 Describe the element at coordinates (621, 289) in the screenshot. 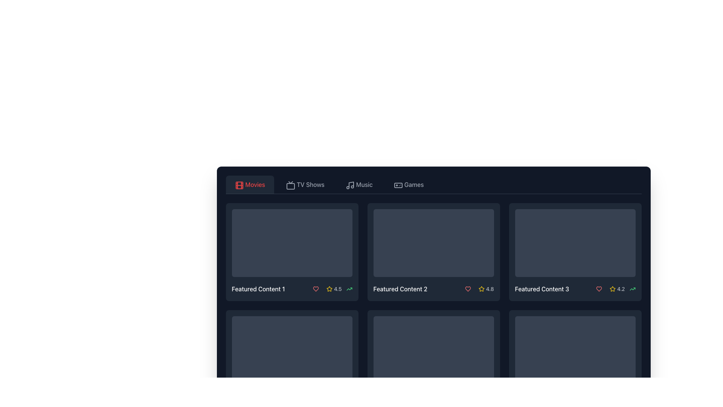

I see `the text label displaying '4.2', which is a small-sized, gray-colored font, located to the right of a yellow star icon underneath the 'Featured Content 3' title` at that location.